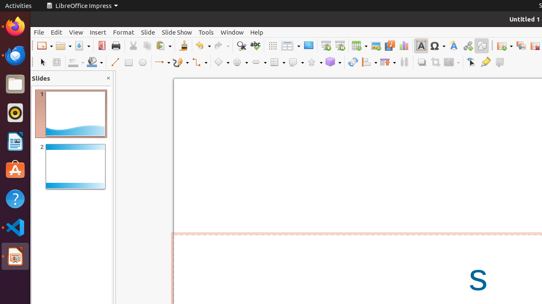 The height and width of the screenshot is (304, 542). I want to click on 'Find & Replace', so click(241, 46).